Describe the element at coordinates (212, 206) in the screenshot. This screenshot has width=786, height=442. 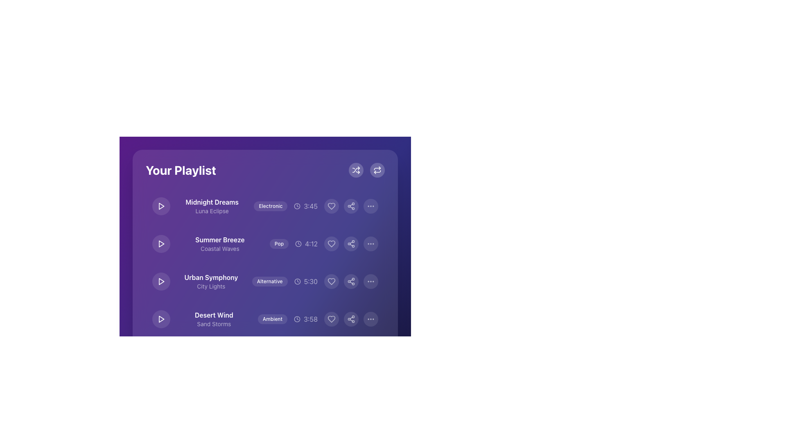
I see `the text display element that shows the track name and artist details in the first row of the playlist to see its properties` at that location.